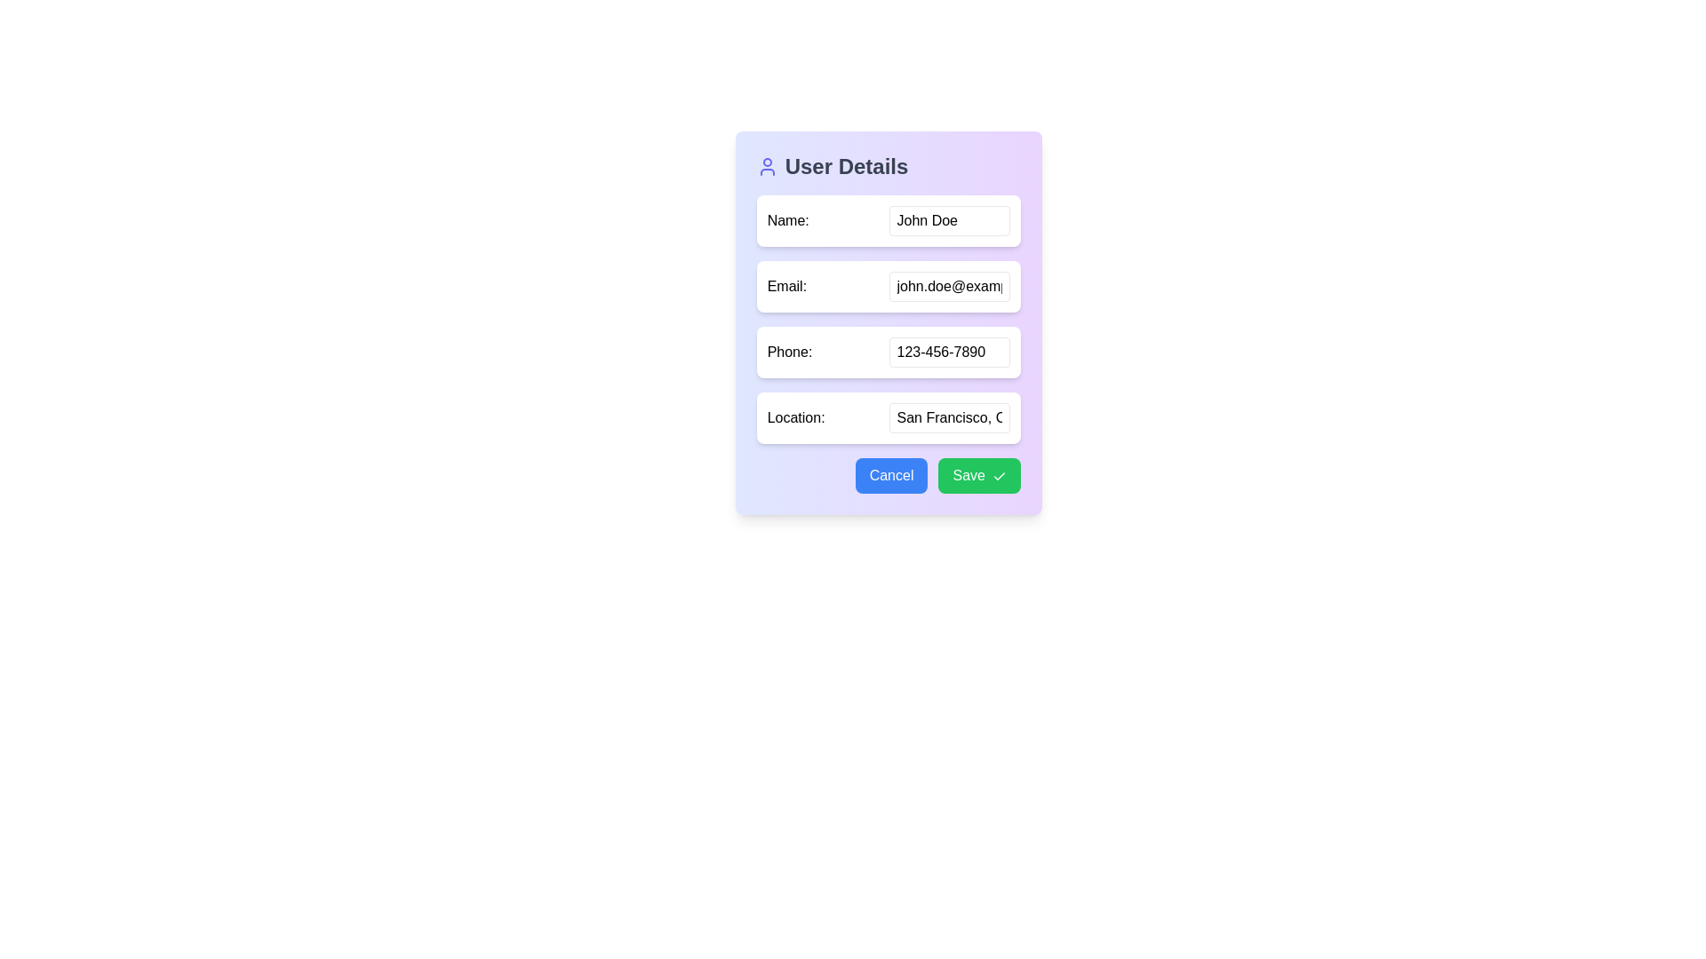 This screenshot has height=959, width=1706. I want to click on the Text label indicating the input field for location, positioned in the bottom section of the 'User Details' form, between the 'Phone' section and the 'Cancel' and 'Save' buttons, so click(795, 417).